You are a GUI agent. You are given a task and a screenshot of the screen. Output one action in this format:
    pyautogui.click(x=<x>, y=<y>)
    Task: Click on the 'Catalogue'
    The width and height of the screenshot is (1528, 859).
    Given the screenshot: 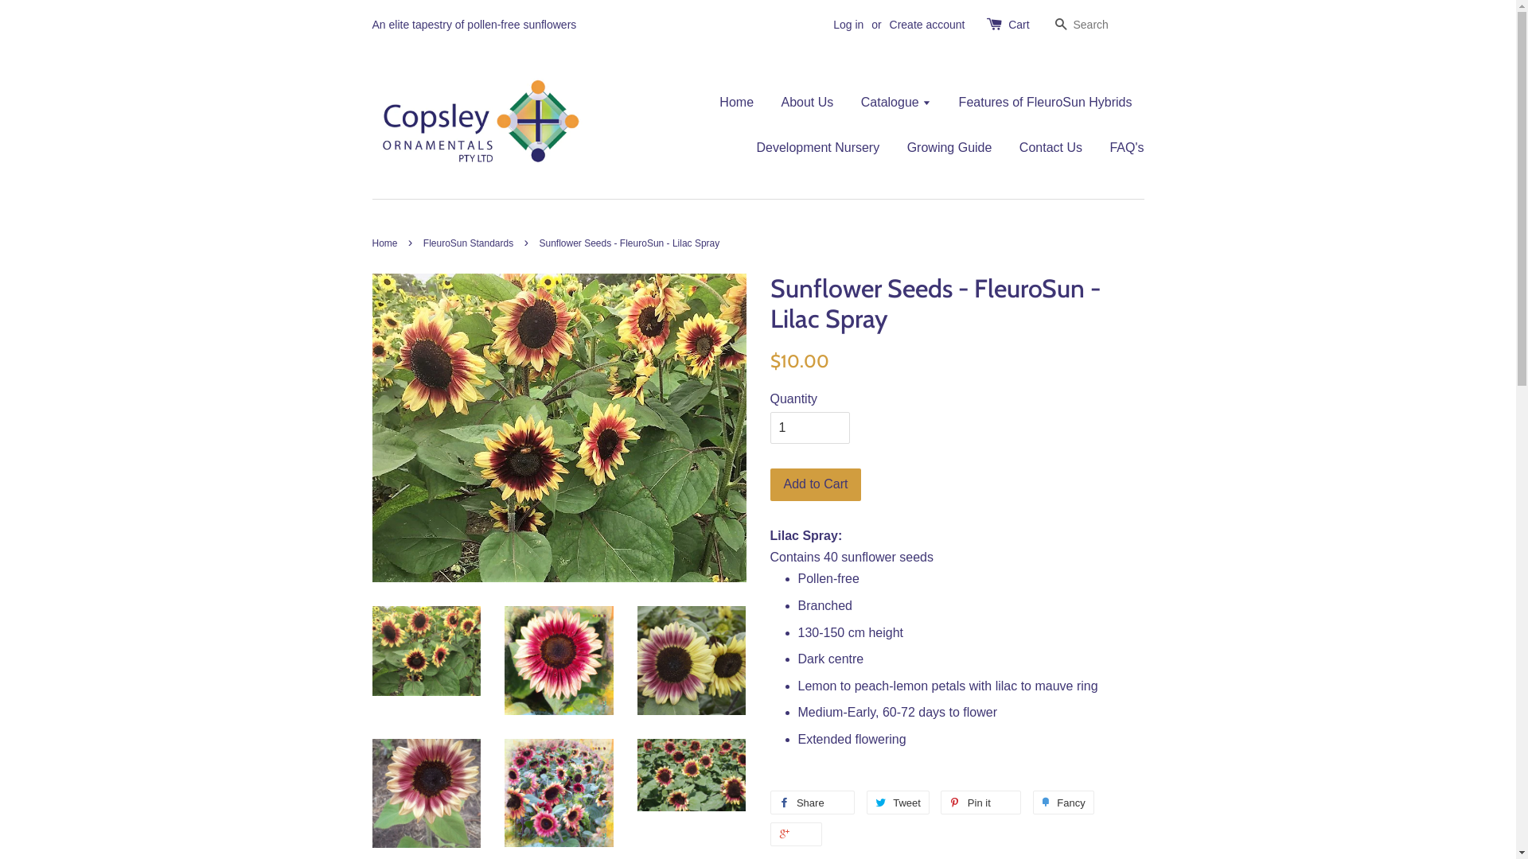 What is the action you would take?
    pyautogui.click(x=896, y=102)
    